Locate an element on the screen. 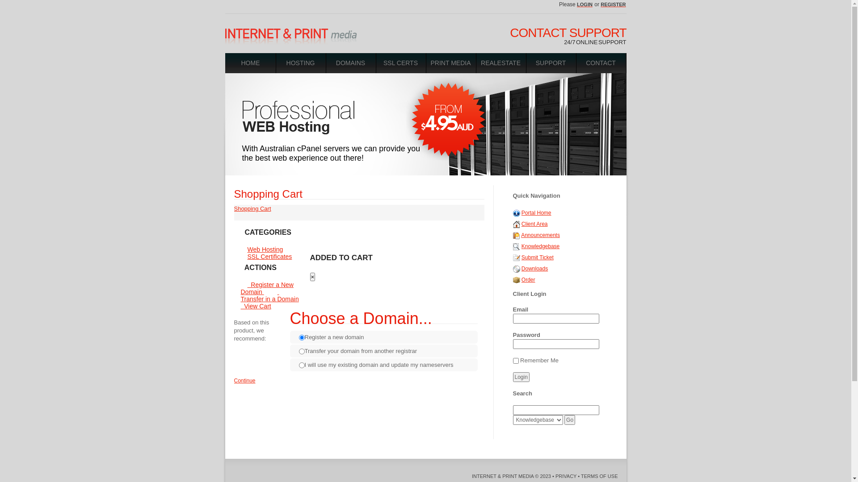 Image resolution: width=858 pixels, height=482 pixels. 'Announcements' is located at coordinates (517, 235).